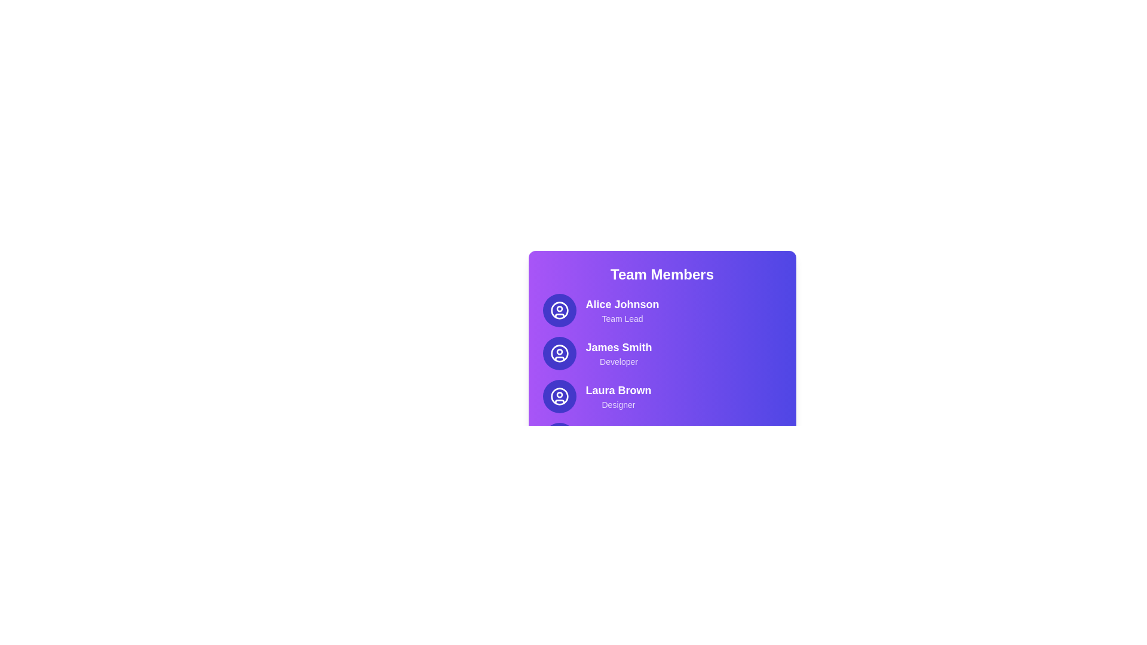  I want to click on the User Avatar Icon representing Alice Johnson, which is a circular icon with a purple background and white outline, located in the top-left area of the purple panel titled 'Team Members.', so click(559, 310).